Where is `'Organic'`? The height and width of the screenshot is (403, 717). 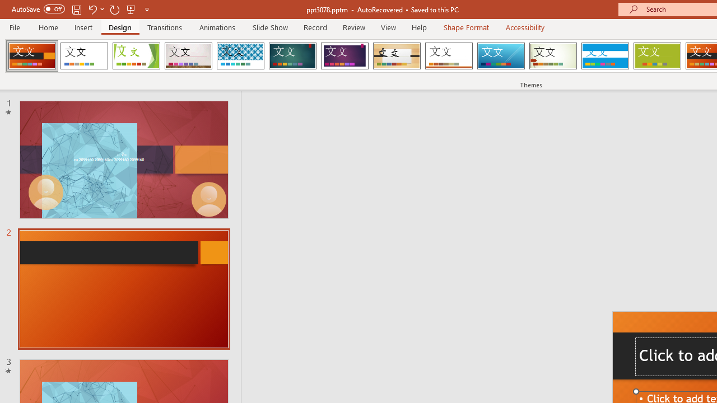 'Organic' is located at coordinates (397, 56).